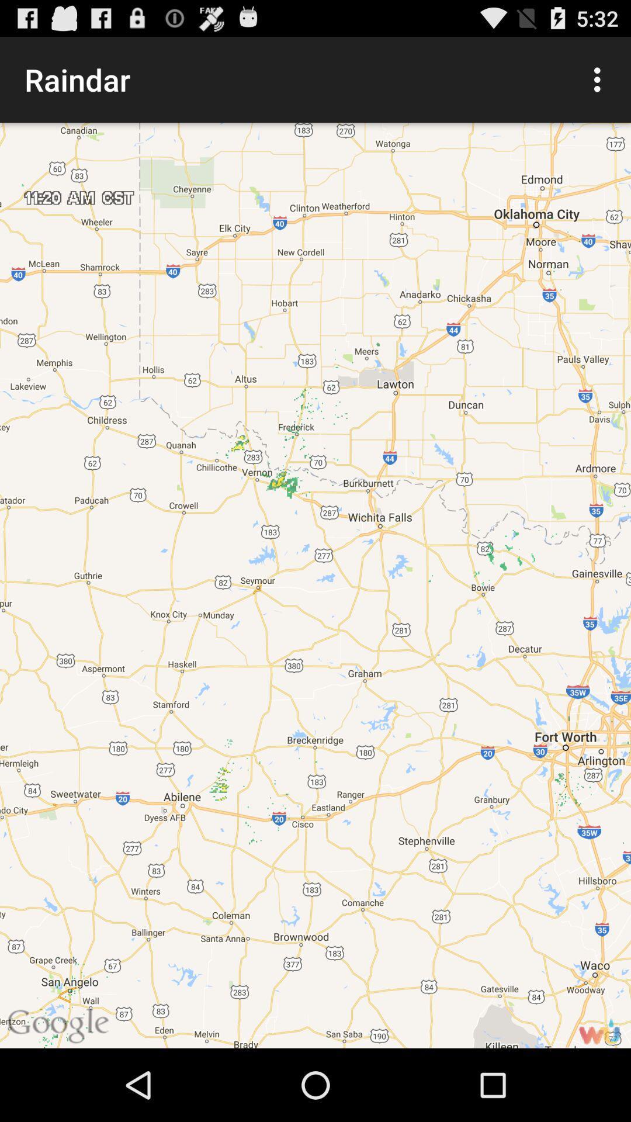 The height and width of the screenshot is (1122, 631). I want to click on the app to the right of raindar icon, so click(600, 79).